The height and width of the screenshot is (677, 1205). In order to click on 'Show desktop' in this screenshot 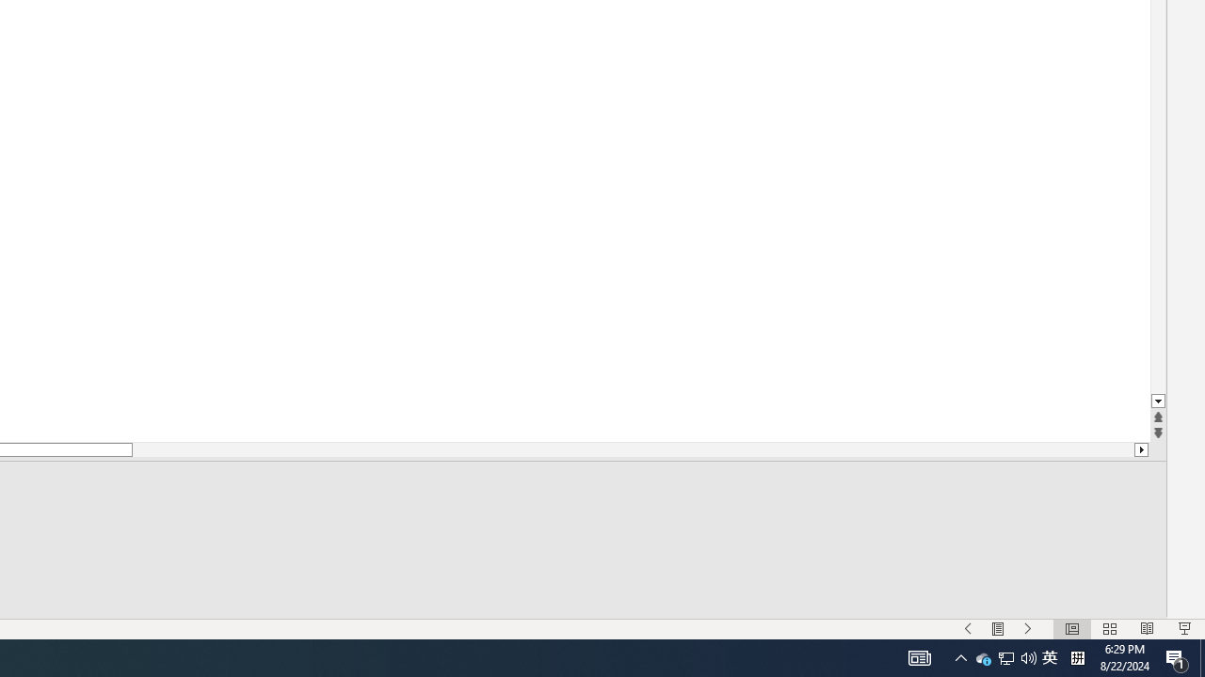, I will do `click(1201, 656)`.